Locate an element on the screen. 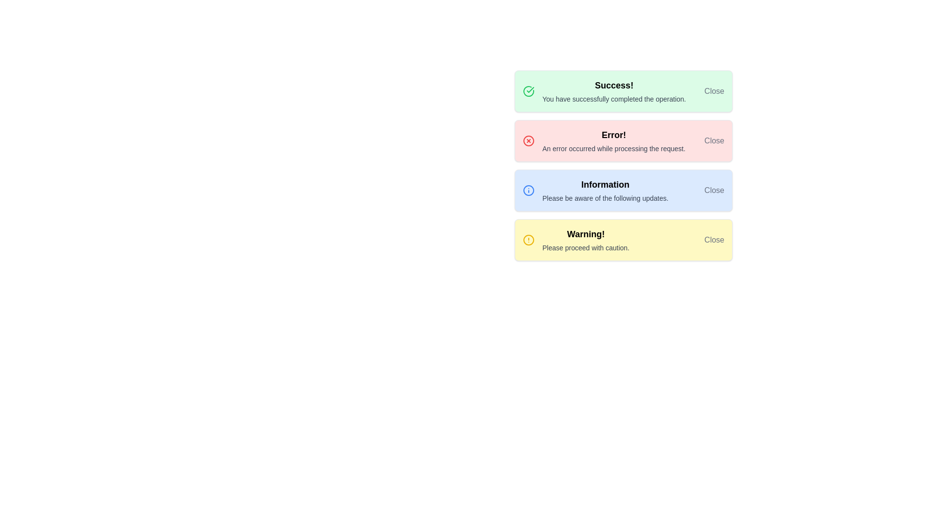  the informational text component located within a light blue notification box, positioned centrally below a red error notification and above a yellow warning notification, with an information icon on the left and a 'Close' button on the right is located at coordinates (605, 191).